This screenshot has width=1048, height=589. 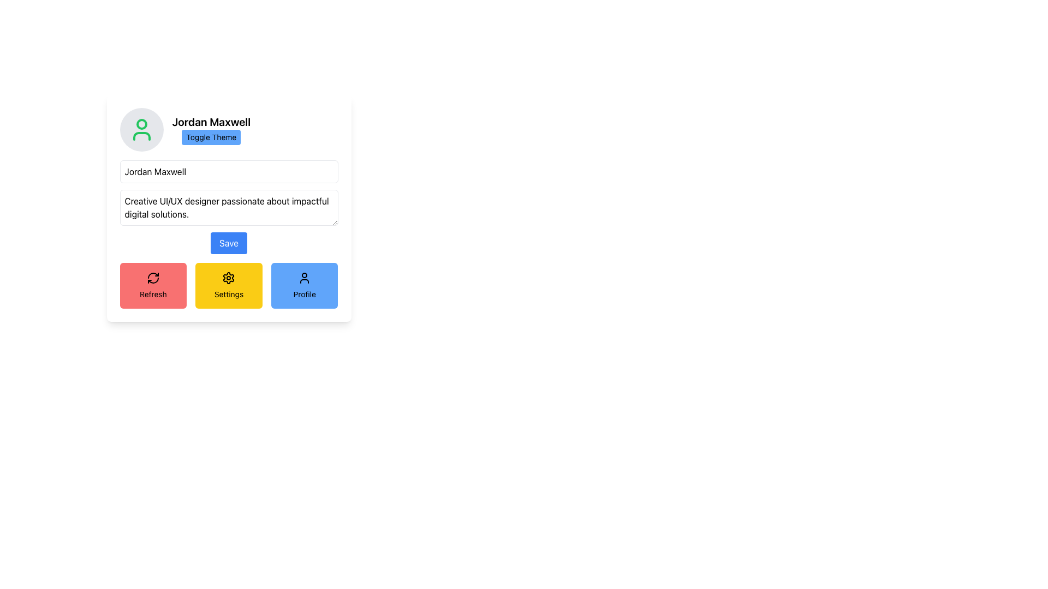 I want to click on the cogwheel or gear icon within the yellow rounded rectangle background, so click(x=228, y=277).